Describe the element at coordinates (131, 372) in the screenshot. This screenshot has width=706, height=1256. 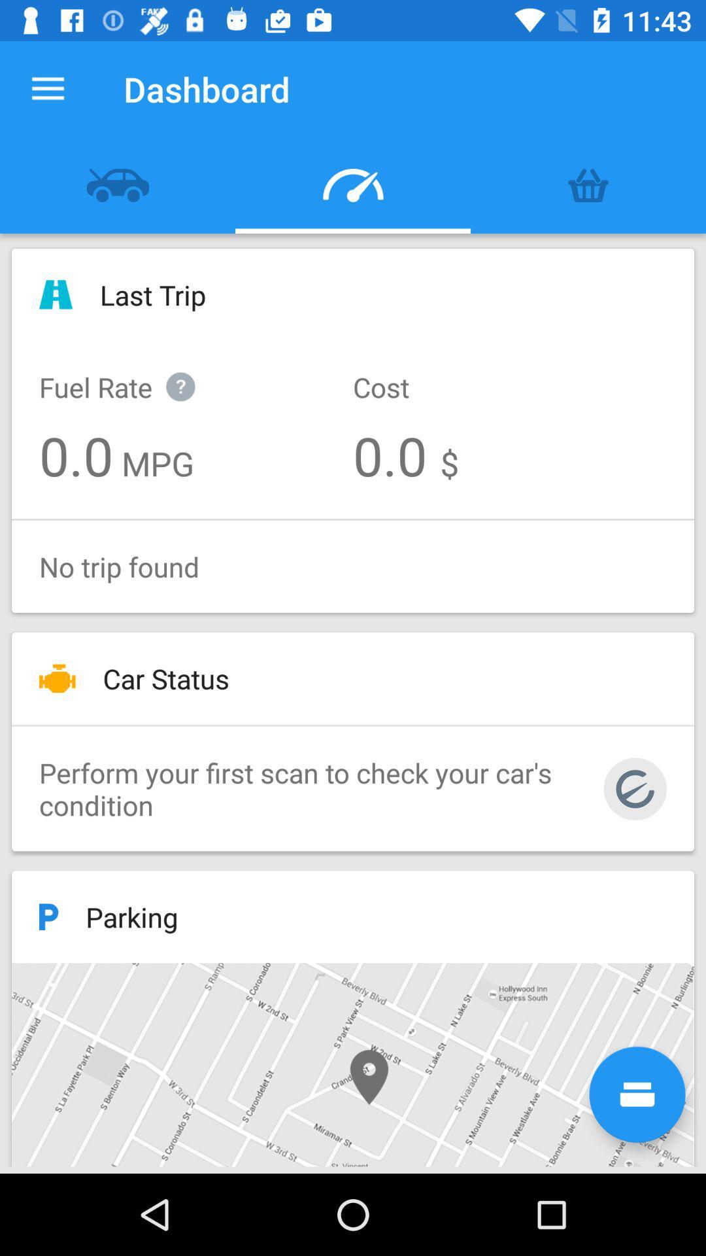
I see `icon next to cost item` at that location.